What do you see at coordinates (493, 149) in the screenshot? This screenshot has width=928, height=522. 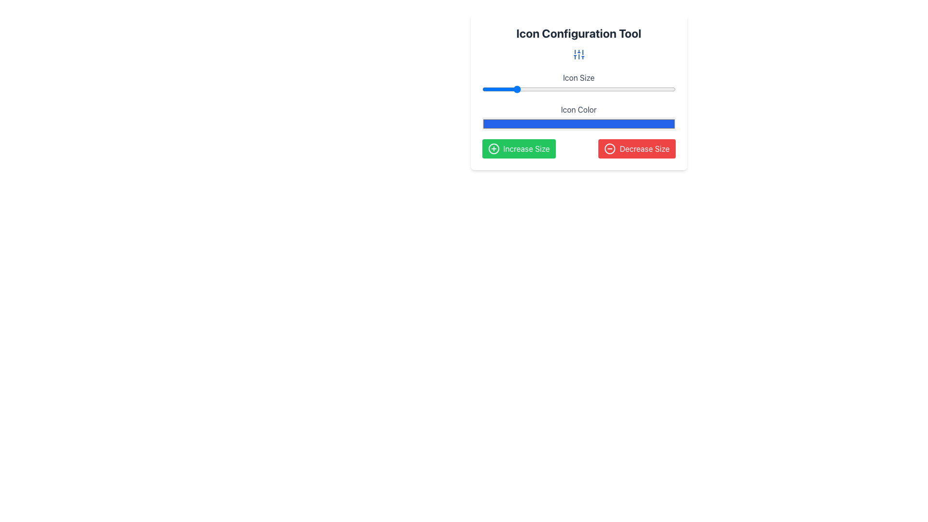 I see `the circular decorative element of the 'Increase Size' button in the 'Icon Configuration Tool' interface` at bounding box center [493, 149].